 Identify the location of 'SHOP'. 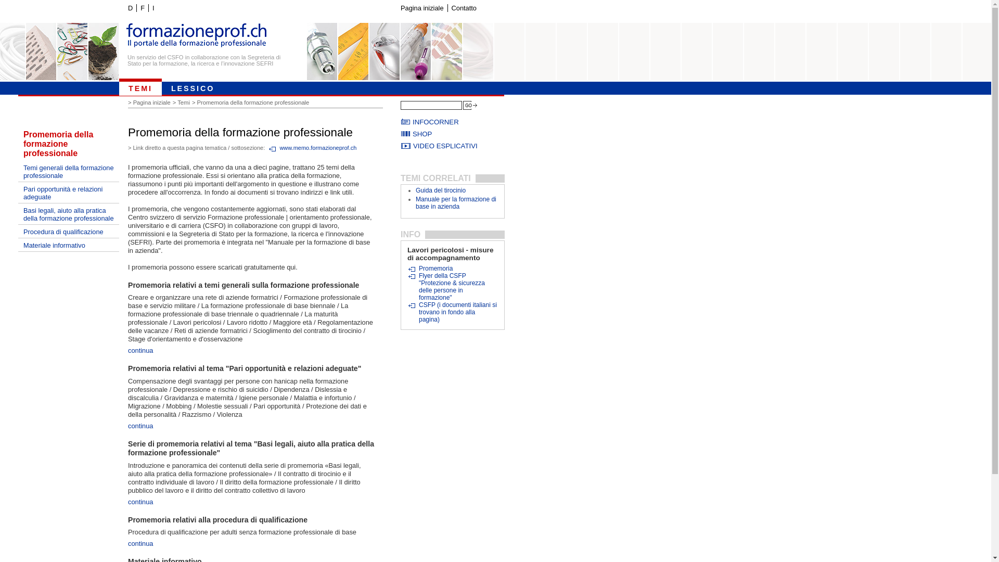
(453, 133).